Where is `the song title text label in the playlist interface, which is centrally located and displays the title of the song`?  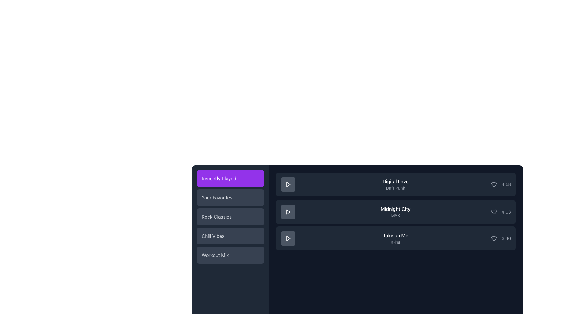
the song title text label in the playlist interface, which is centrally located and displays the title of the song is located at coordinates (395, 209).